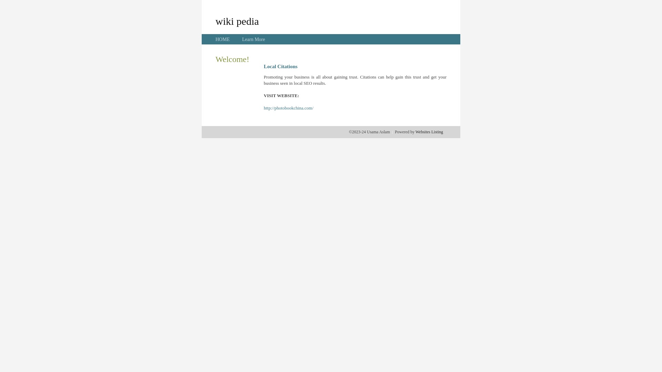 This screenshot has width=662, height=372. What do you see at coordinates (222, 39) in the screenshot?
I see `'HOME'` at bounding box center [222, 39].